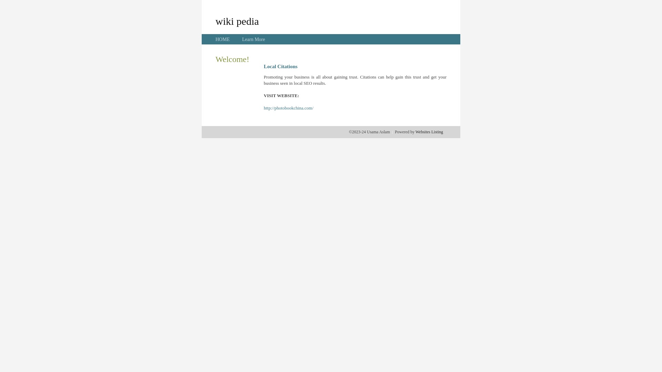 This screenshot has width=662, height=372. What do you see at coordinates (222, 39) in the screenshot?
I see `'HOME'` at bounding box center [222, 39].